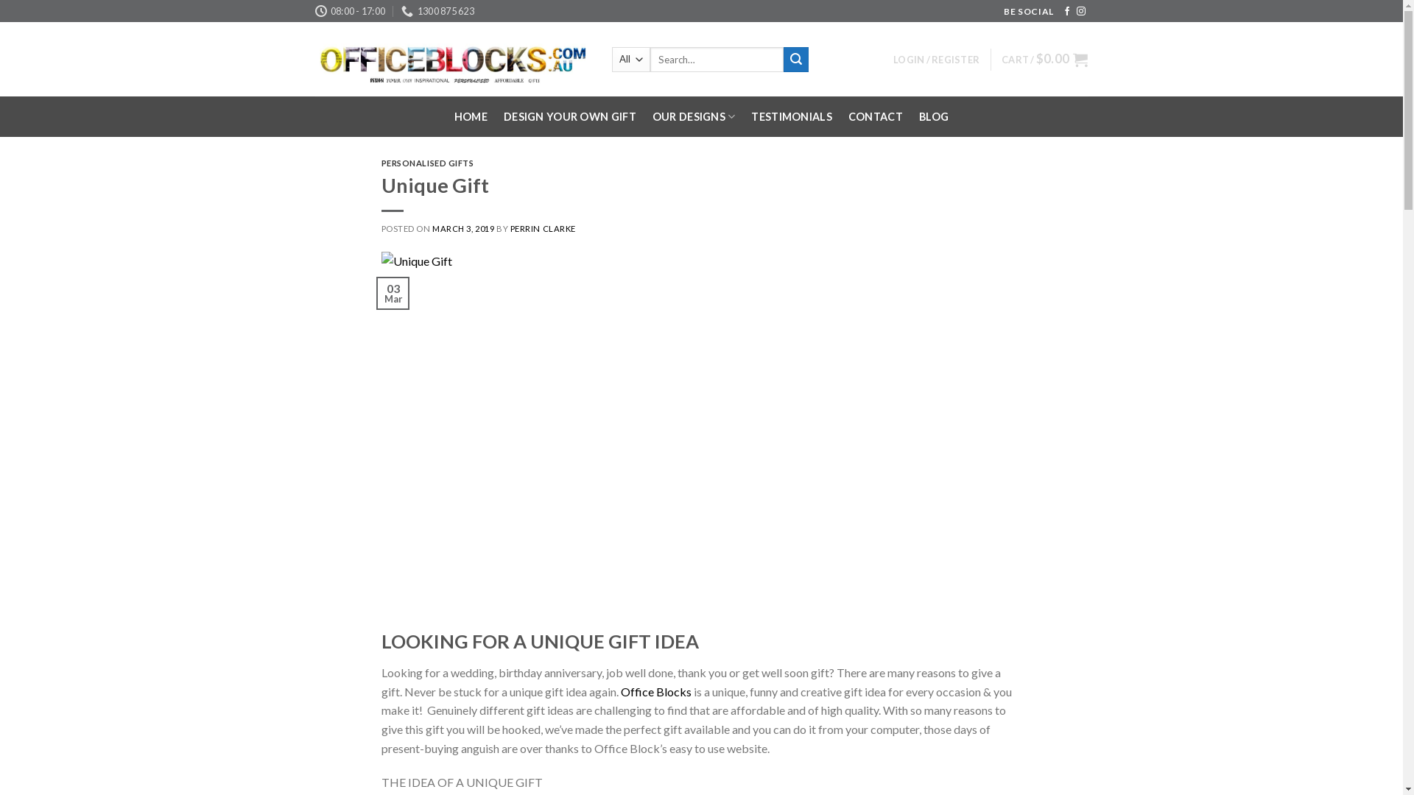 This screenshot has height=795, width=1414. What do you see at coordinates (1081, 11) in the screenshot?
I see `'Follow on Instagram'` at bounding box center [1081, 11].